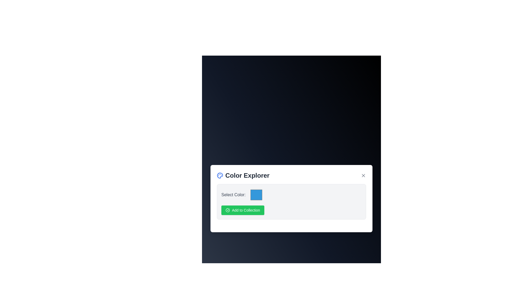  What do you see at coordinates (228, 210) in the screenshot?
I see `the checkmark circle icon that indicates confirmation or completion, as part of the 'Add to Collection' button in the 'Color Explorer' dialog box` at bounding box center [228, 210].